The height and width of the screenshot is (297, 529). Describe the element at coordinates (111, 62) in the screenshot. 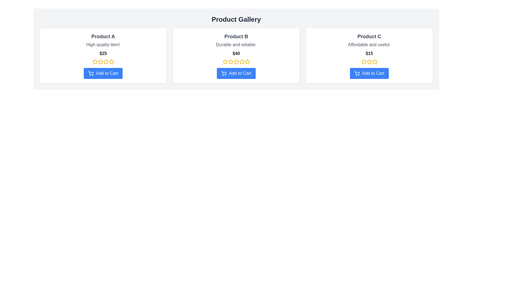

I see `the fifth hollow star icon with a yellow outline` at that location.